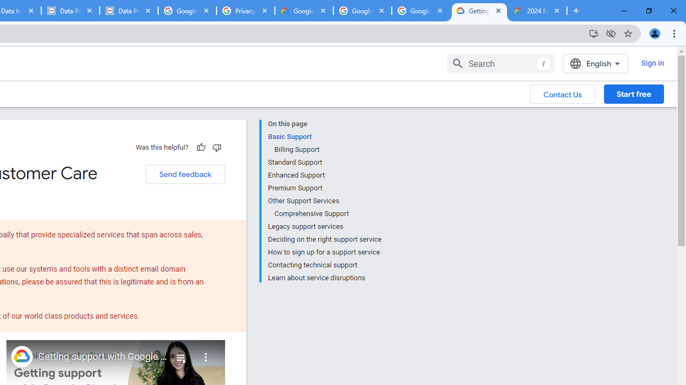 Image resolution: width=686 pixels, height=385 pixels. Describe the element at coordinates (362, 11) in the screenshot. I see `'Google Workspace - Specific Terms'` at that location.